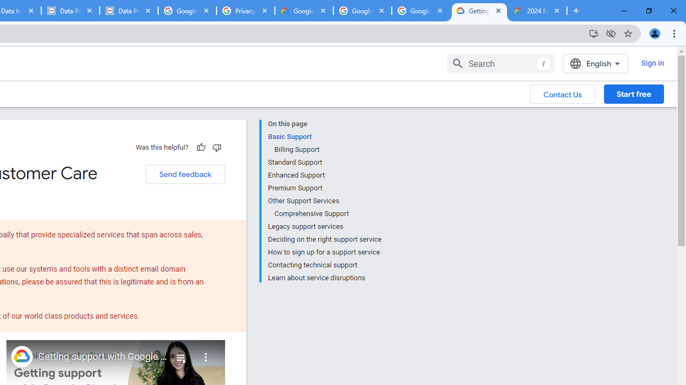 Image resolution: width=686 pixels, height=385 pixels. Describe the element at coordinates (362, 11) in the screenshot. I see `'Google Workspace - Specific Terms'` at that location.